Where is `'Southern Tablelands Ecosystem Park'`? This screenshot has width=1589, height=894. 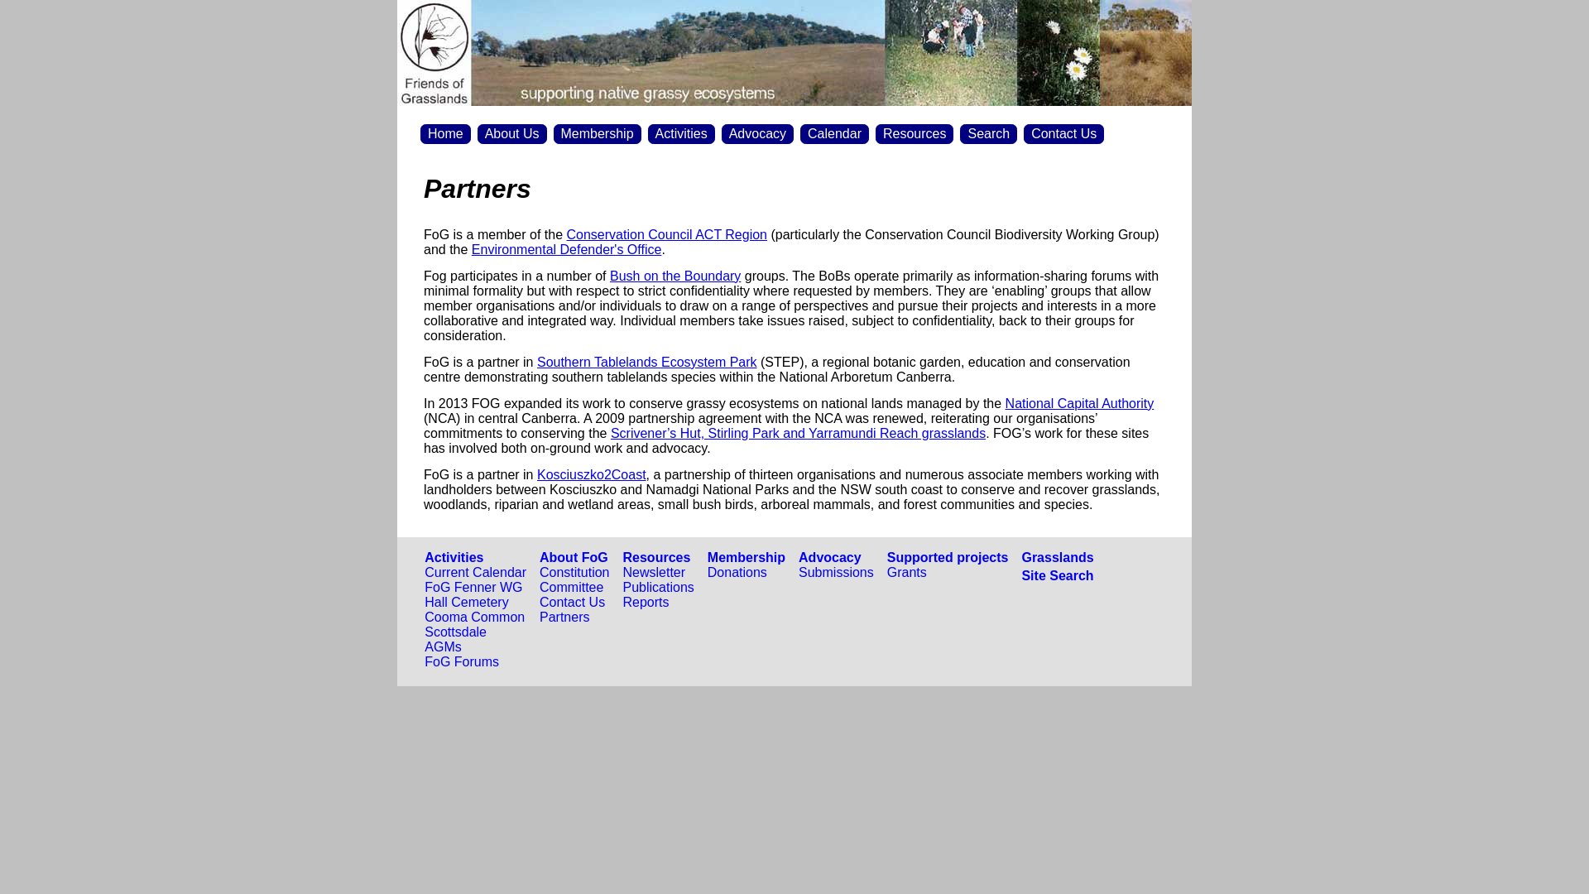 'Southern Tablelands Ecosystem Park' is located at coordinates (646, 361).